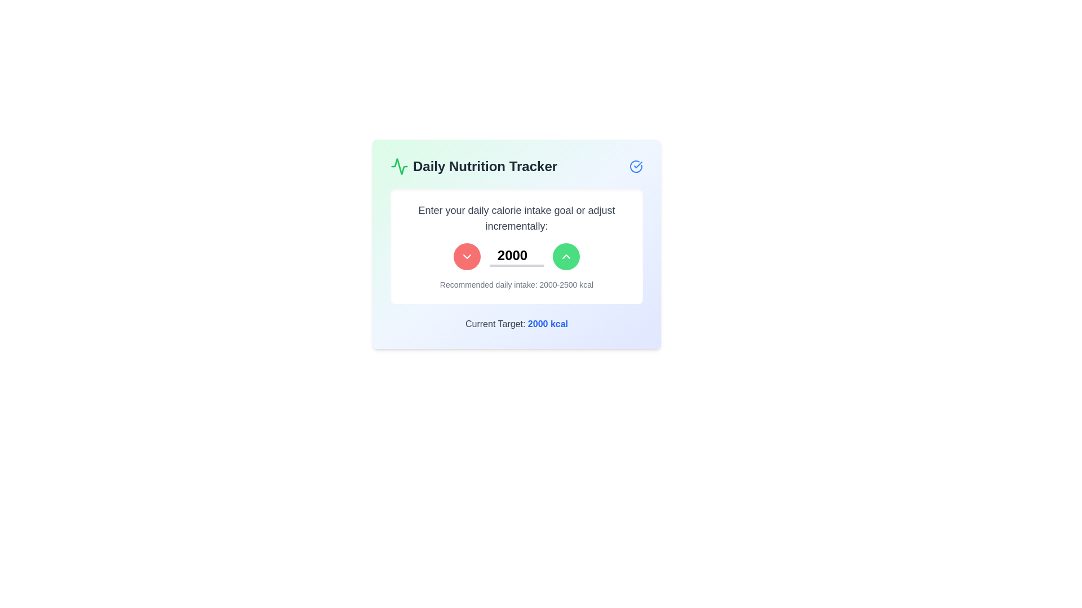  I want to click on the verification icon located at the top-right corner of the 'Daily Nutrition Tracker' card, which indicates a state of verification or completion, so click(636, 167).